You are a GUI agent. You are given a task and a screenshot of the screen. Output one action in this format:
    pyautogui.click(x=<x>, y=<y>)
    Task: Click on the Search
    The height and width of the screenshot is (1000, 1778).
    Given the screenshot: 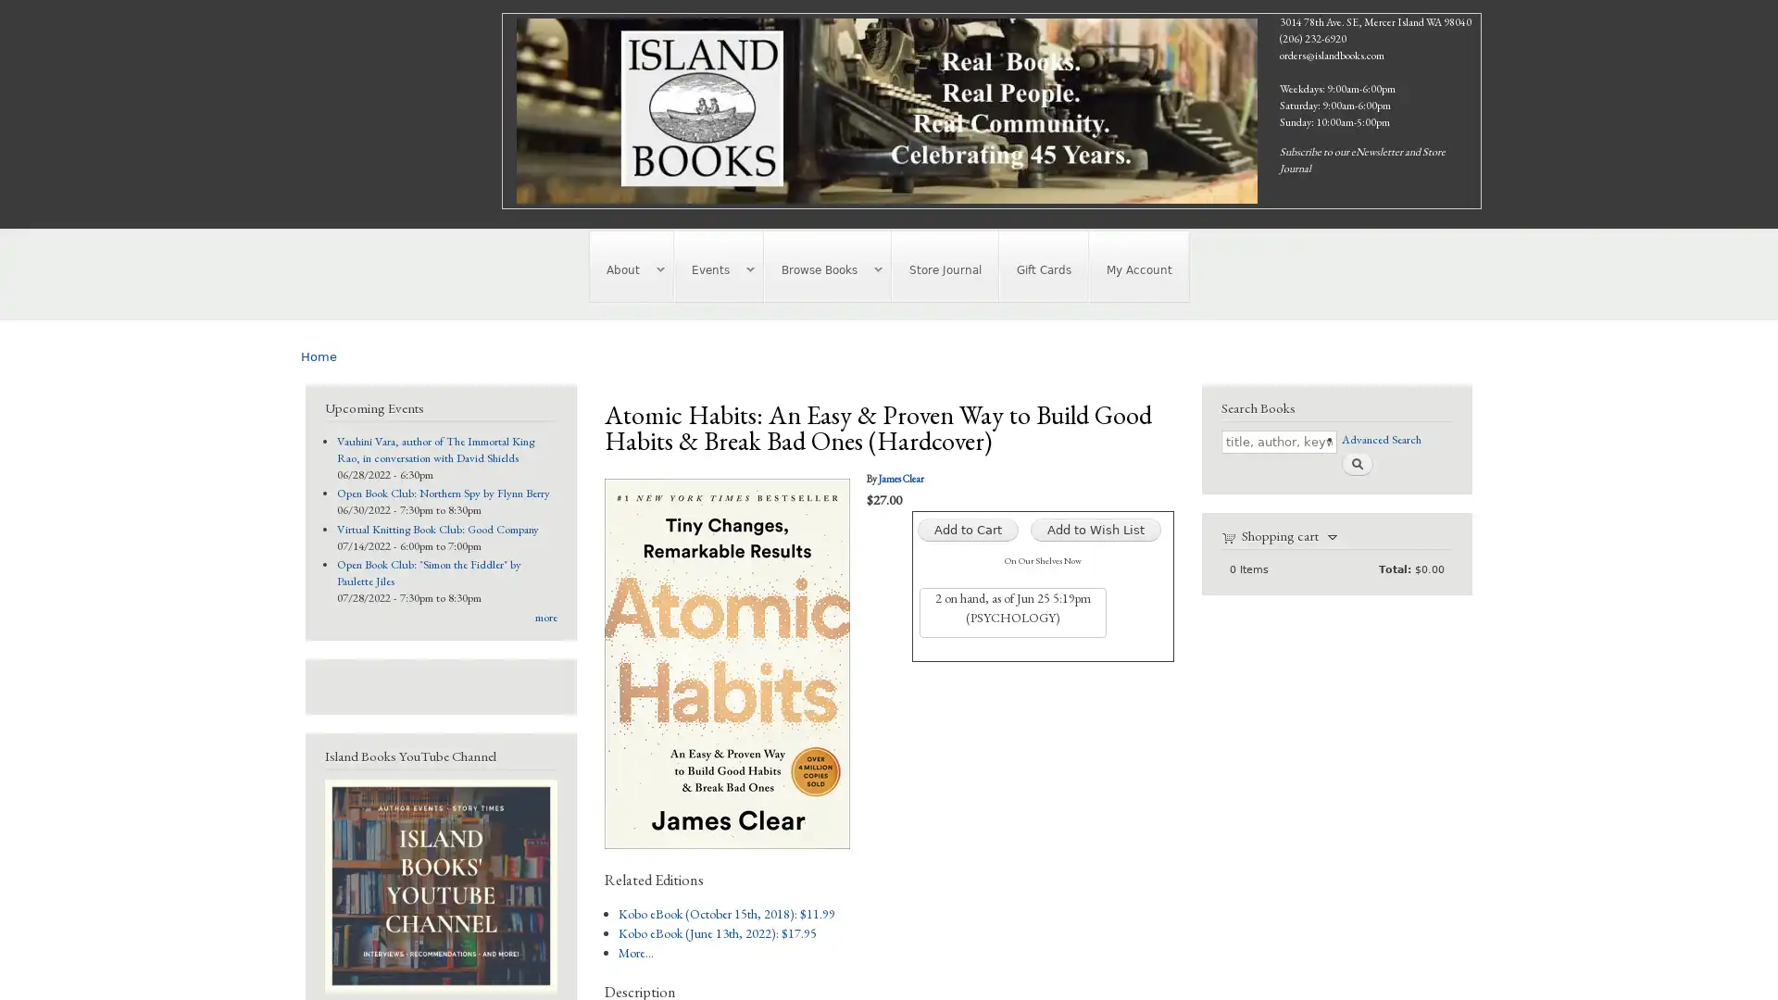 What is the action you would take?
    pyautogui.click(x=1356, y=462)
    